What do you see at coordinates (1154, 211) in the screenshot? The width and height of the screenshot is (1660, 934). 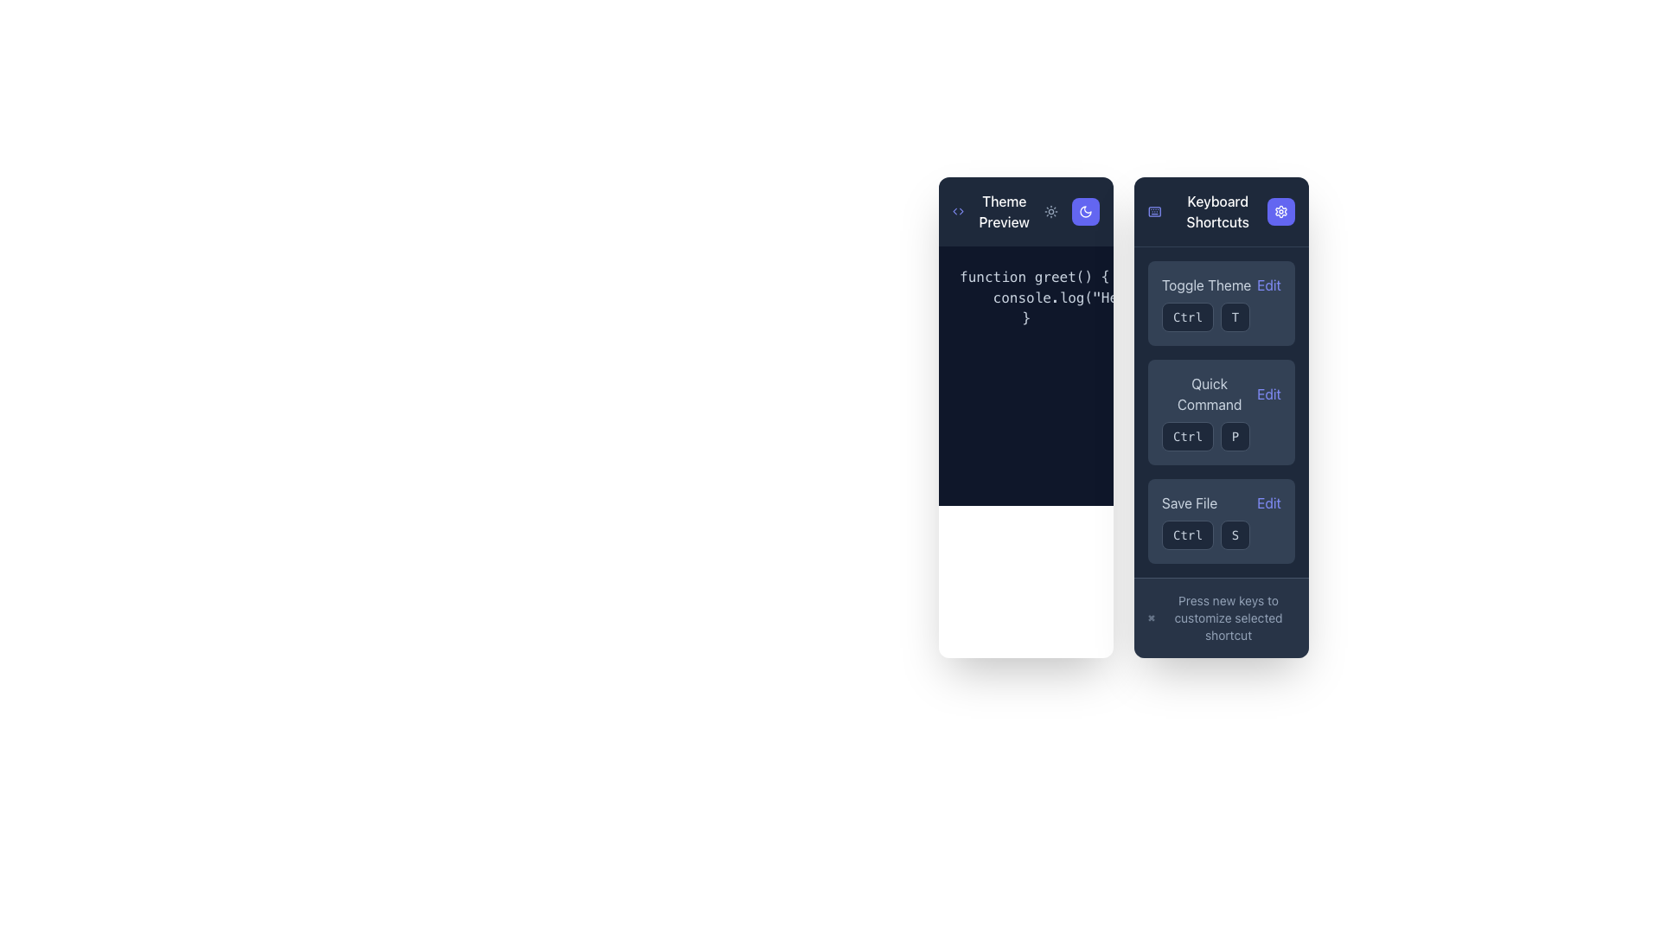 I see `the static representation of the keyboard shortcuts icon located in the top-left corner of the 'Keyboard Shortcuts' section` at bounding box center [1154, 211].